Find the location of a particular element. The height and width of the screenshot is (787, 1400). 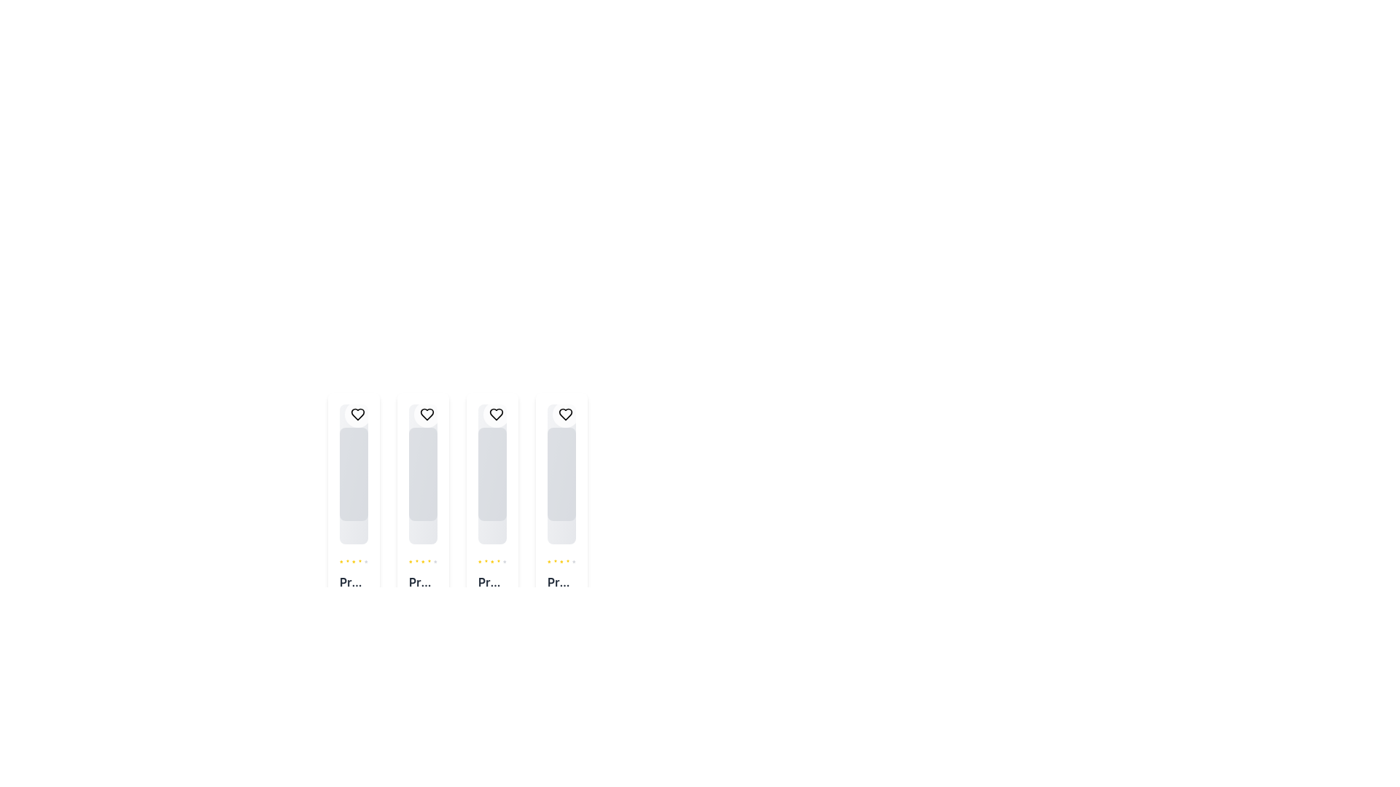

the text display component that displays 'Product Name', which is styled with a semi-bold font and located in the central area of the card layout, below the rating stars is located at coordinates (422, 581).